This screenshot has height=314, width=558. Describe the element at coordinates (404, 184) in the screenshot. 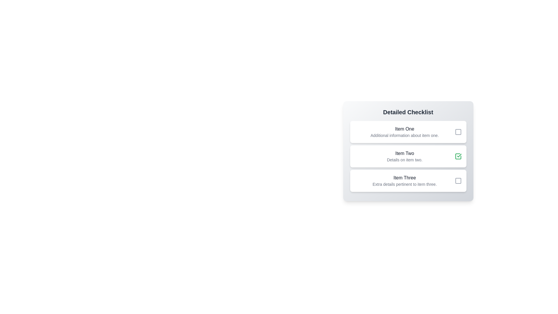

I see `static text element that displays 'Extra details pertinent to item three.' located beneath the title 'Item Three'` at that location.